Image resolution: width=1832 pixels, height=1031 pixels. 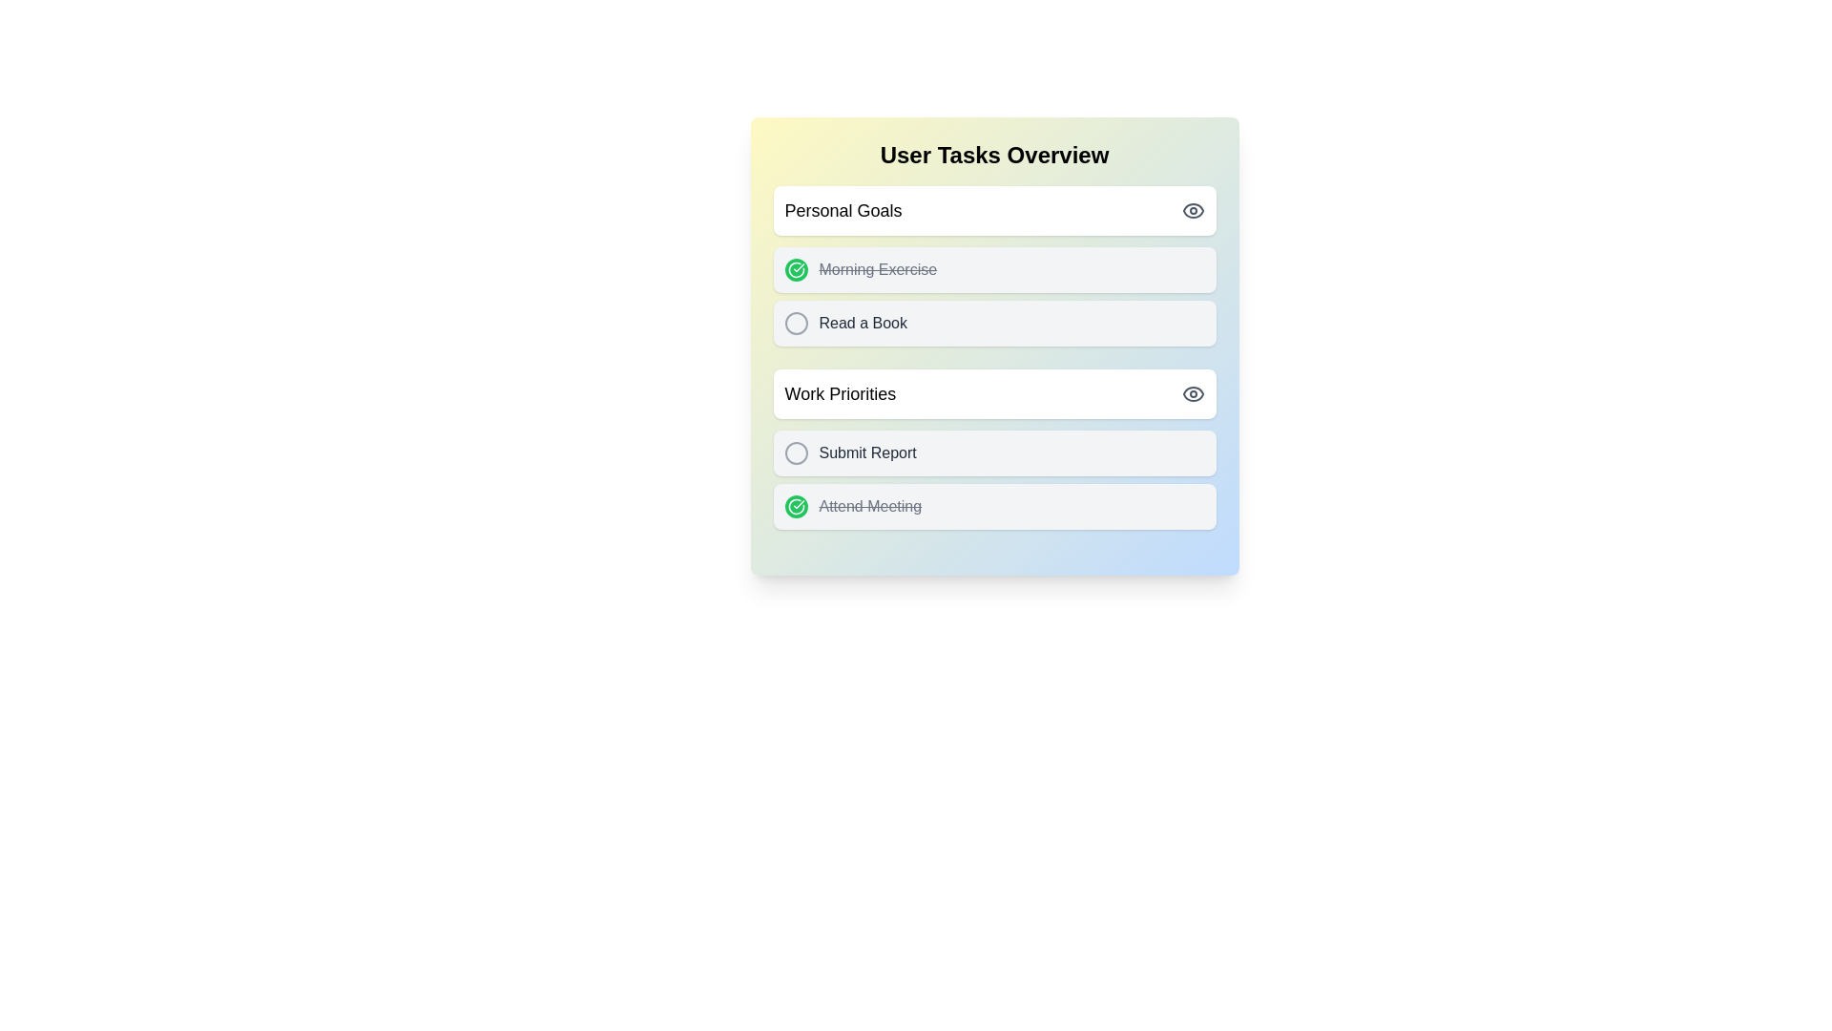 I want to click on the 'Personal Goals' Category Header with Icon, so click(x=993, y=210).